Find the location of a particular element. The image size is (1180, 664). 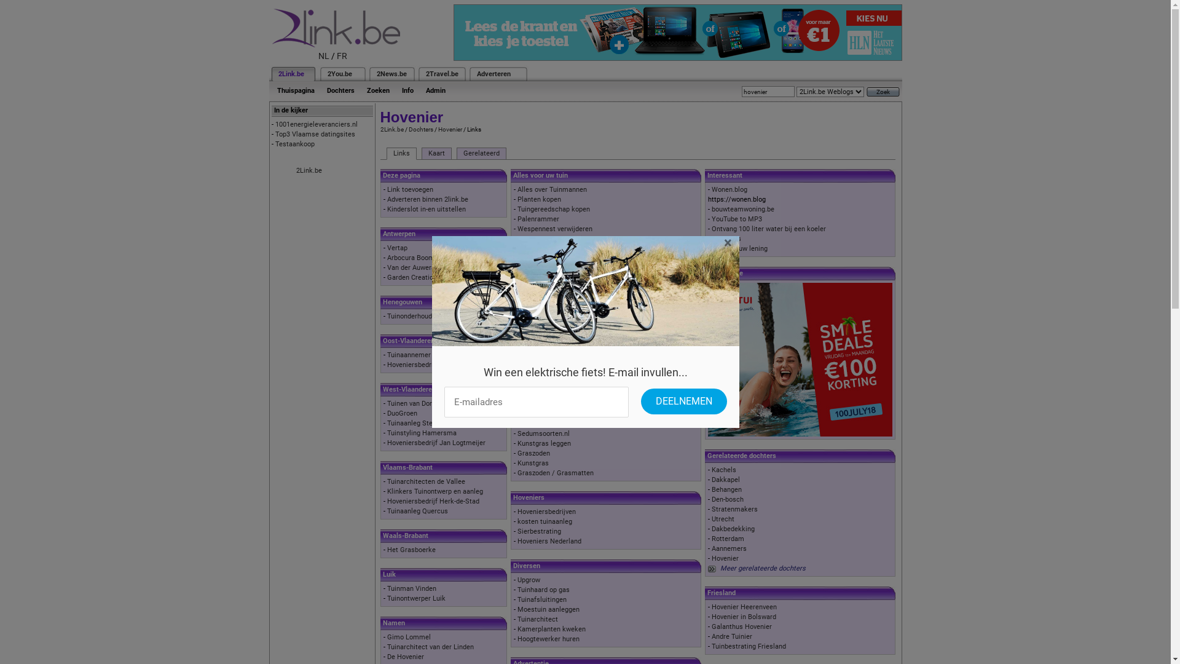

'Hovenier' is located at coordinates (449, 129).